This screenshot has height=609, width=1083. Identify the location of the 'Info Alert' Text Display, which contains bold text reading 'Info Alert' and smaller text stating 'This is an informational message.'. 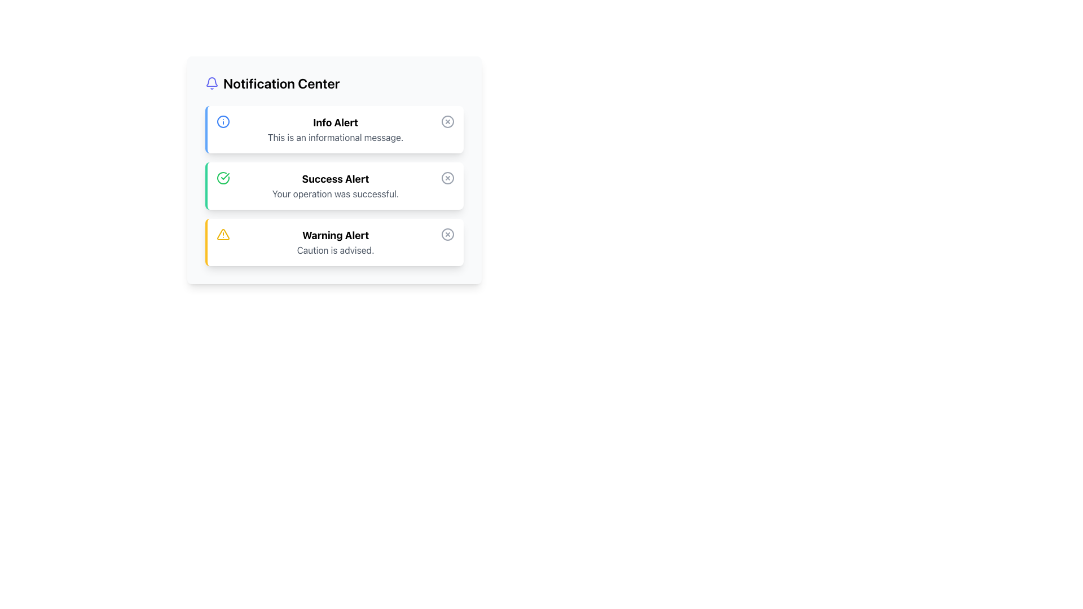
(335, 129).